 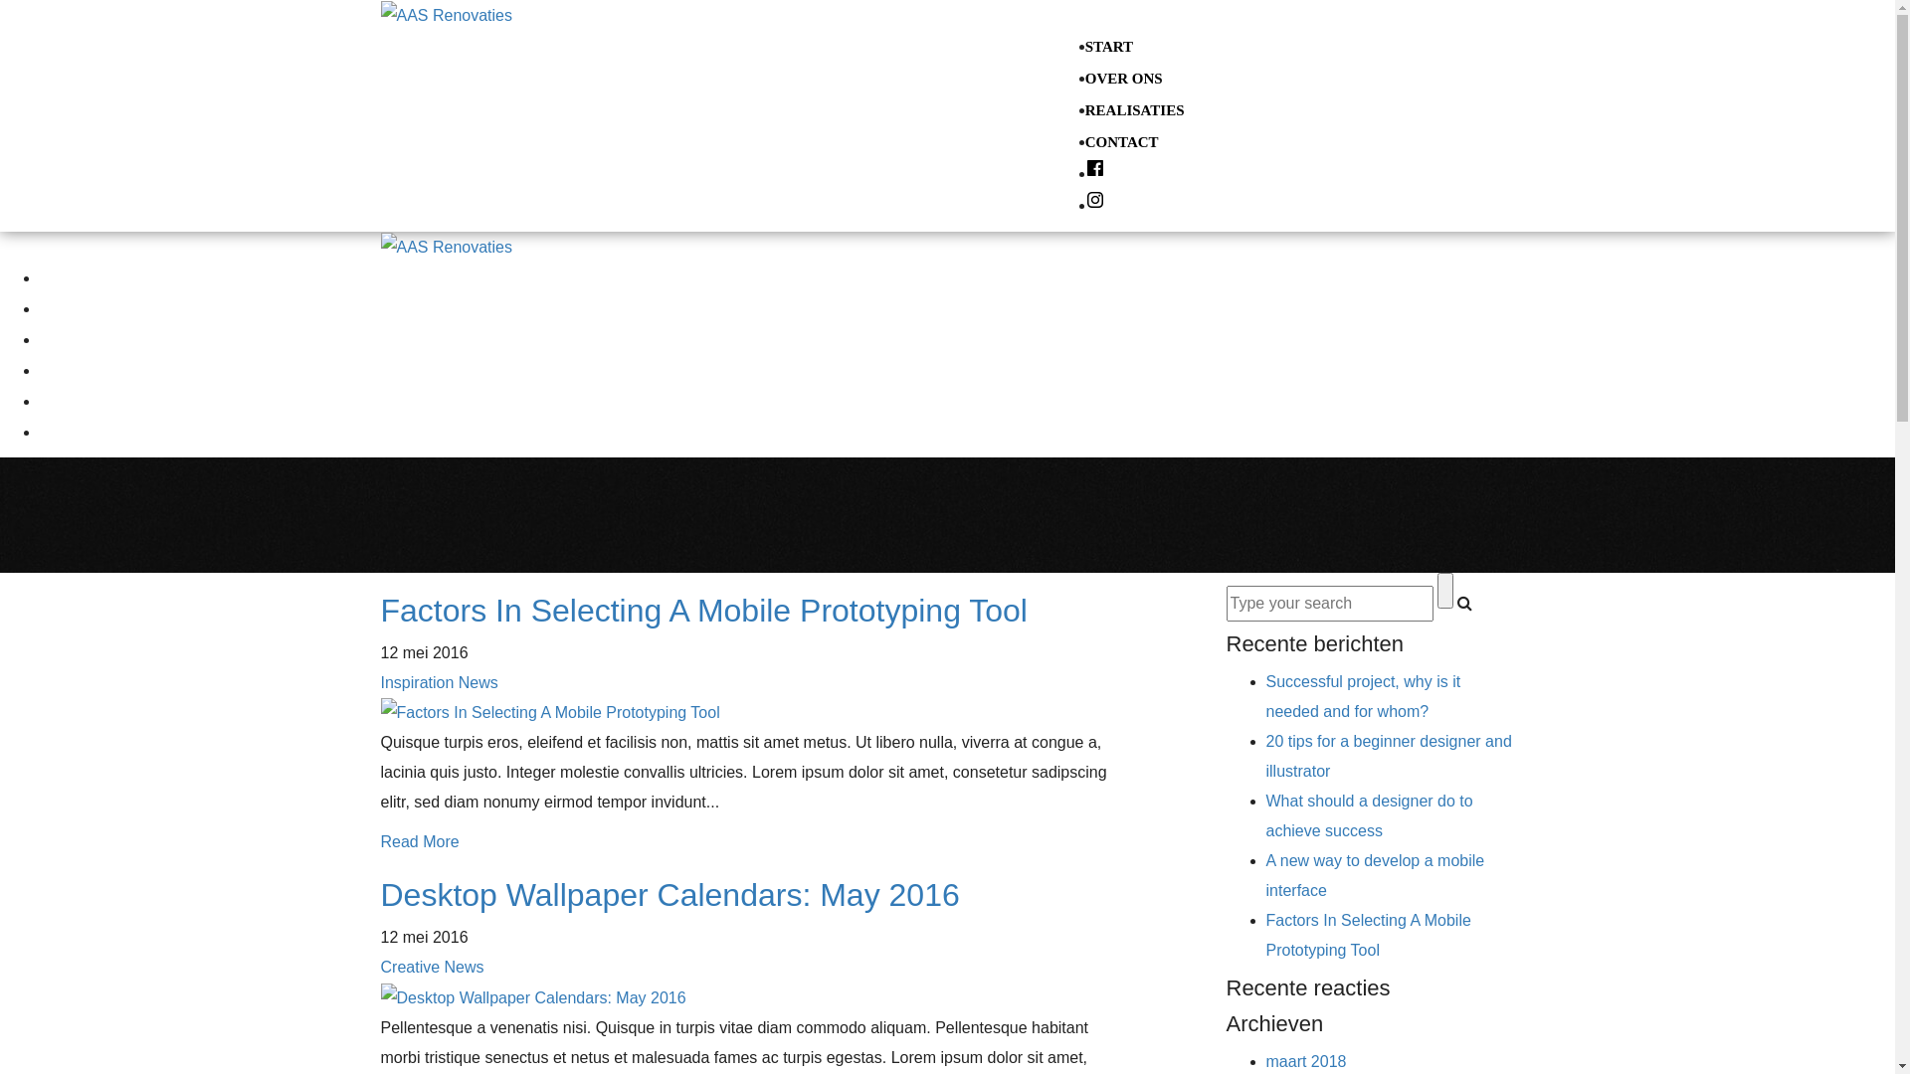 What do you see at coordinates (1107, 45) in the screenshot?
I see `'START'` at bounding box center [1107, 45].